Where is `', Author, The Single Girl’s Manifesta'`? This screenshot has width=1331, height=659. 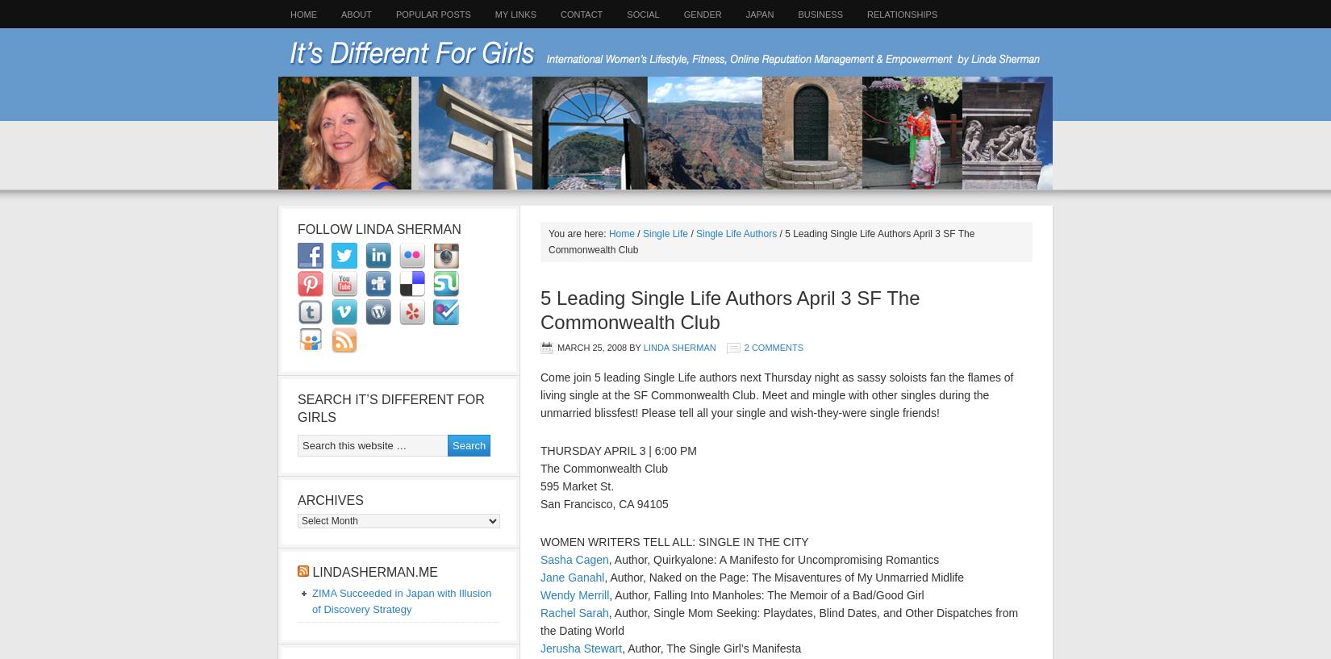
', Author, The Single Girl’s Manifesta' is located at coordinates (711, 649).